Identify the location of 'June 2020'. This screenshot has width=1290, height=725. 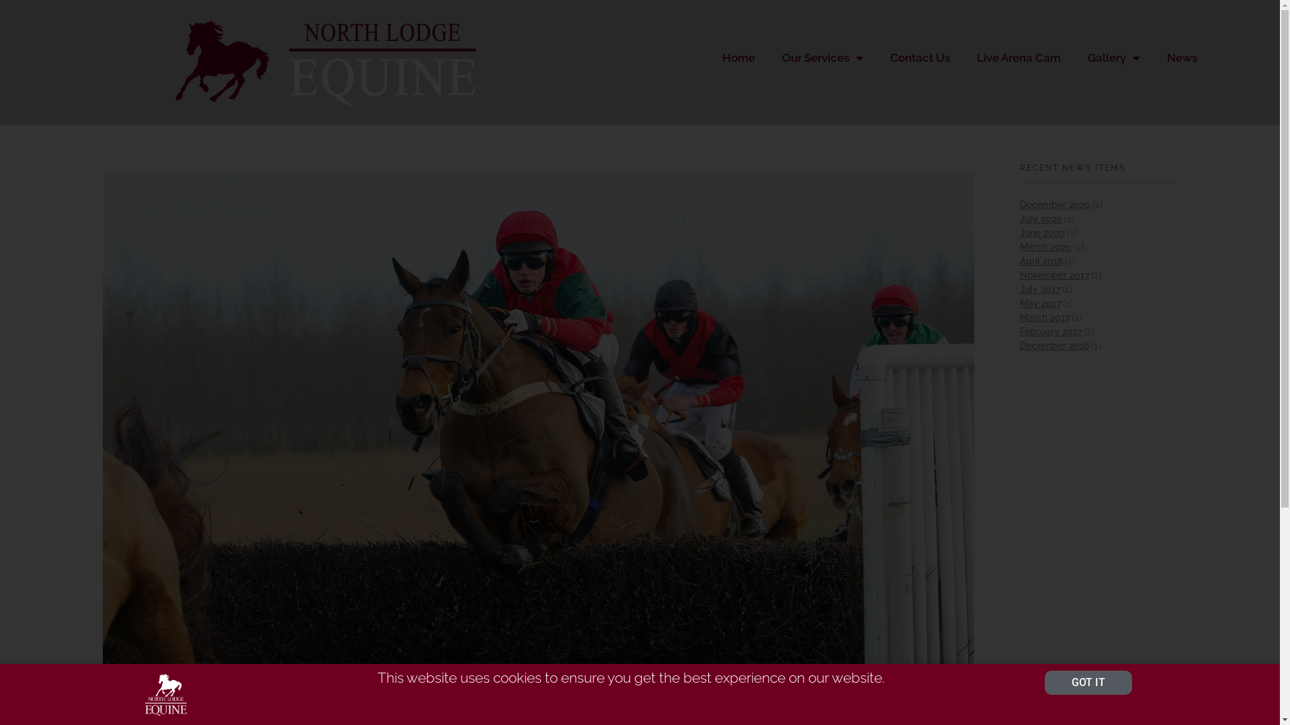
(1041, 232).